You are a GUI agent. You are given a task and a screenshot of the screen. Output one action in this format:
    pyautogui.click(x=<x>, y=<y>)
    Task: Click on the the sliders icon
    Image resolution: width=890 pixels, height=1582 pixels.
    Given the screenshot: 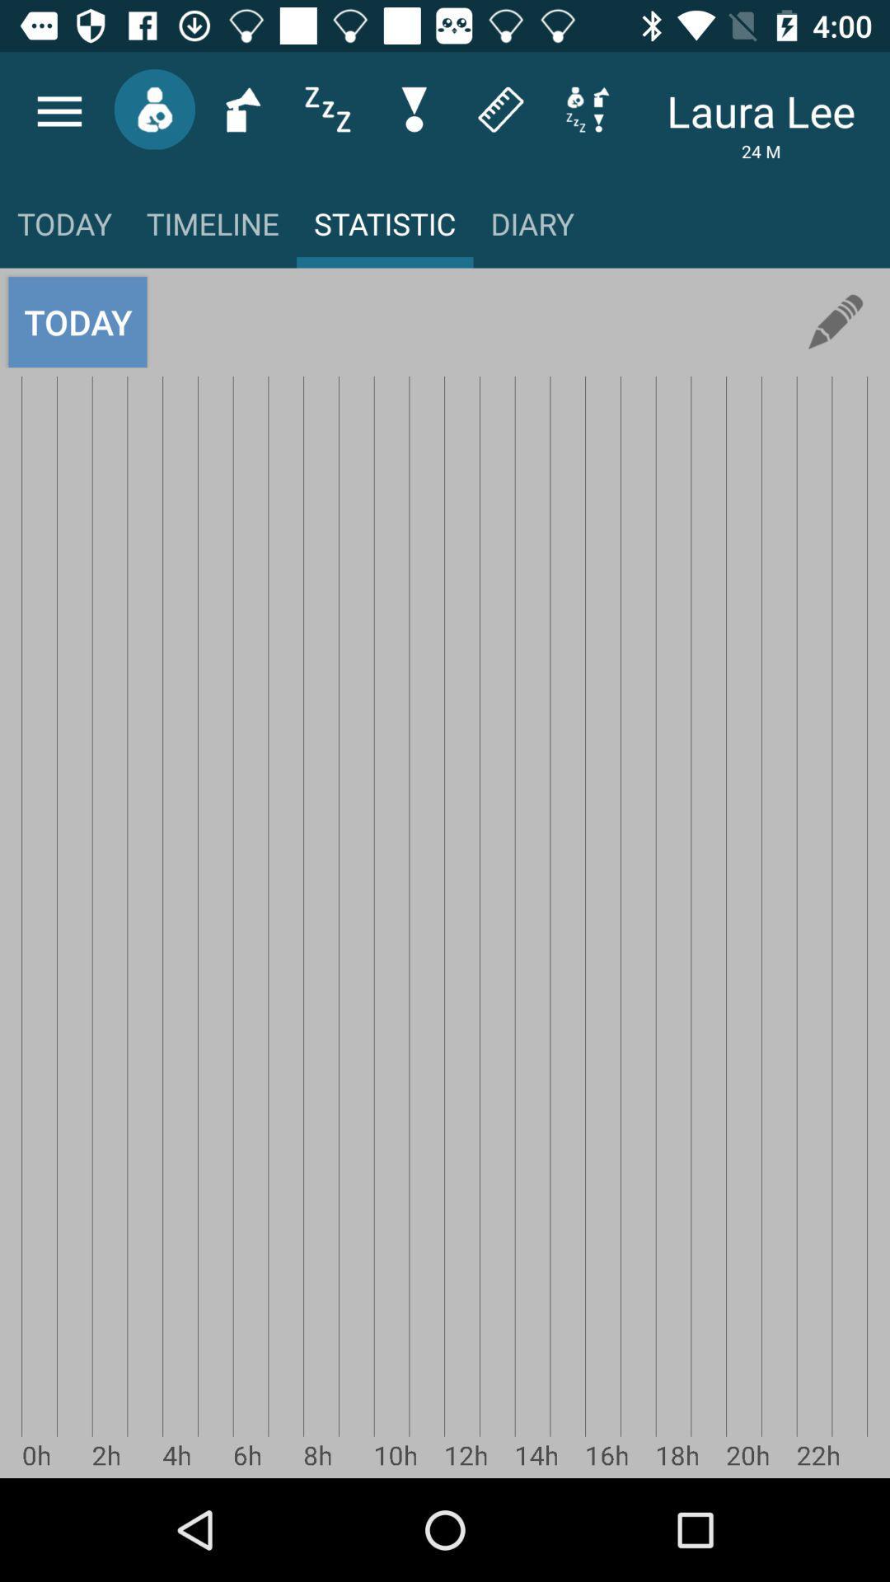 What is the action you would take?
    pyautogui.click(x=327, y=108)
    